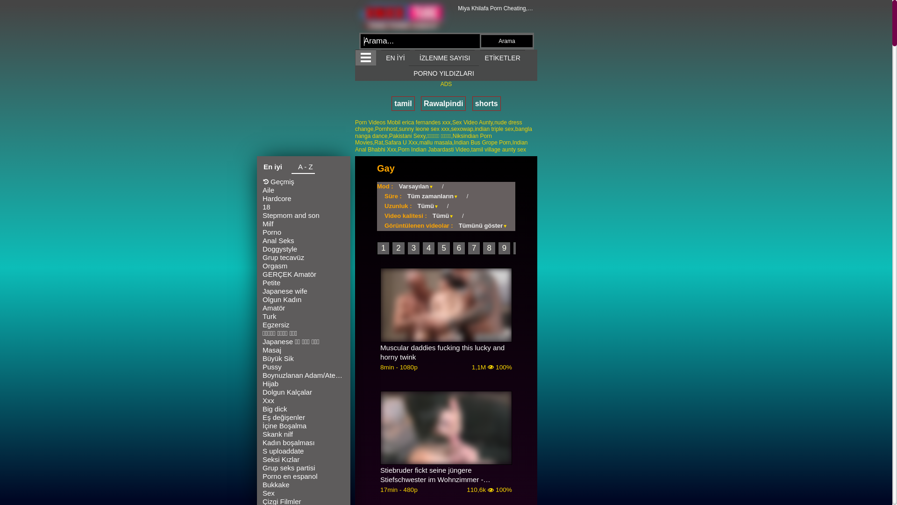 The image size is (897, 505). I want to click on '4', so click(428, 248).